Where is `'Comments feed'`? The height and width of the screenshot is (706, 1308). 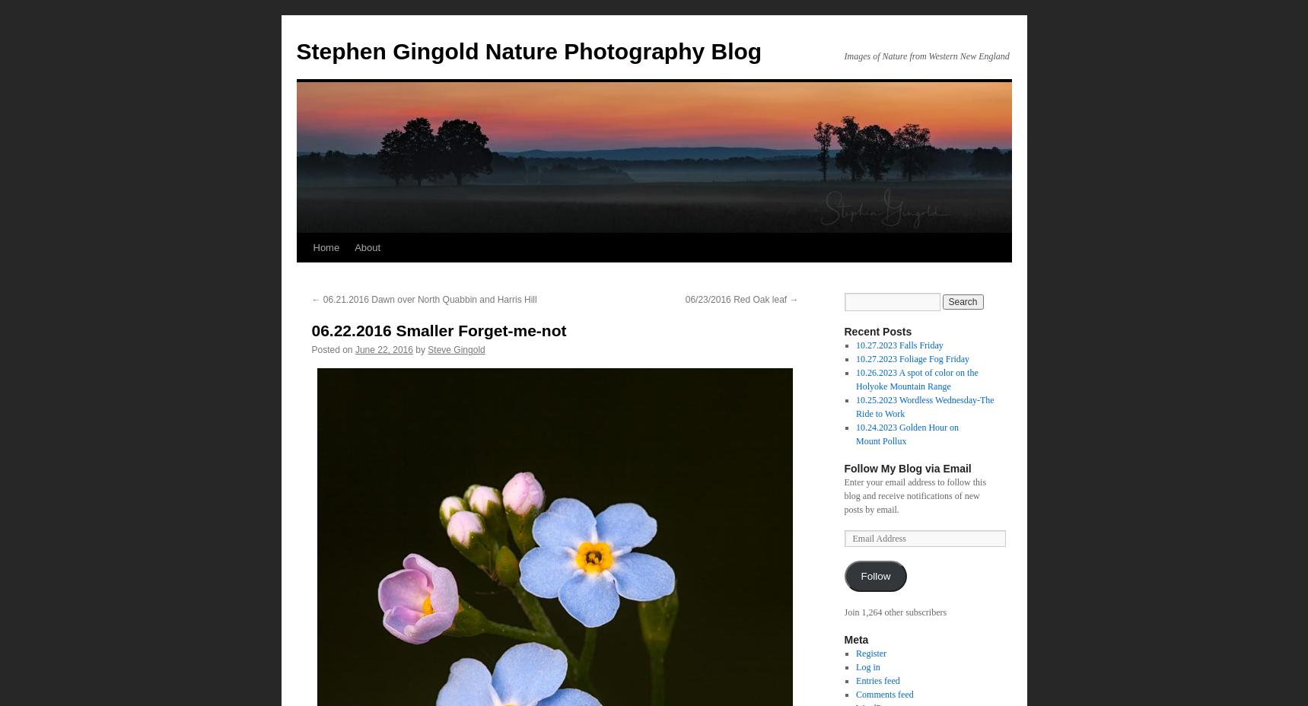 'Comments feed' is located at coordinates (883, 694).